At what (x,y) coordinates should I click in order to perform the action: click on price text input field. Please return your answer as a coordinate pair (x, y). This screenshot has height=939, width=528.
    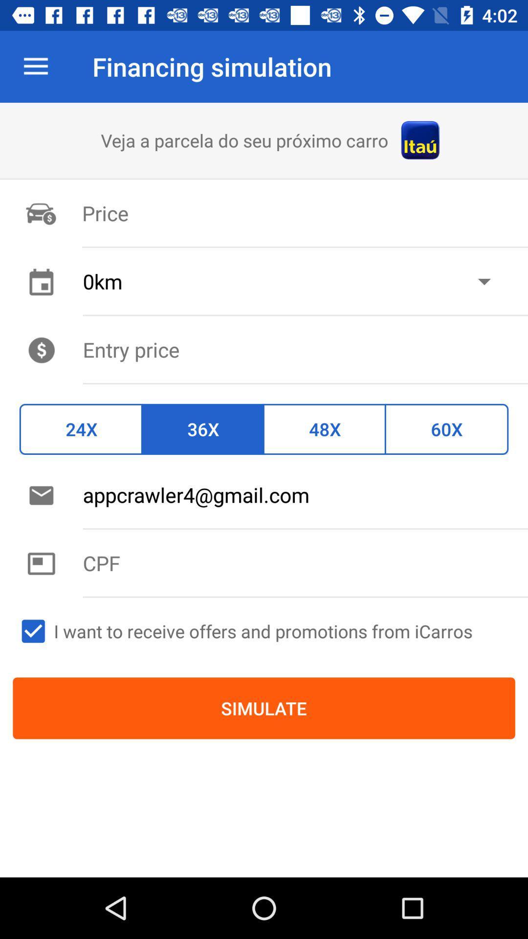
    Looking at the image, I should click on (305, 349).